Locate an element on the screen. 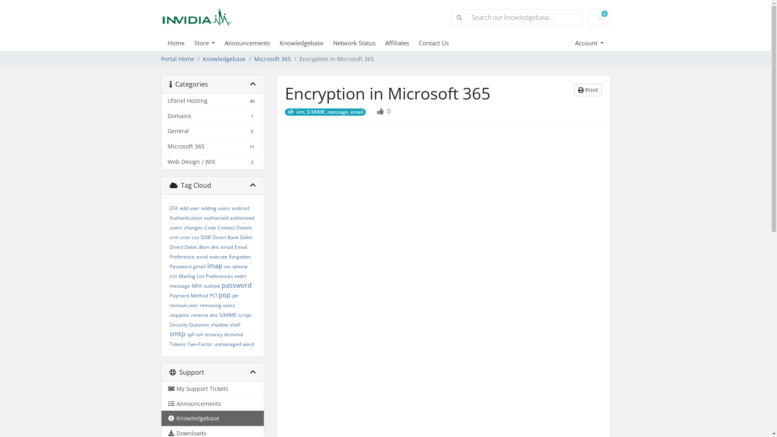 The image size is (777, 437). 'Knowledgebase' is located at coordinates (212, 418).